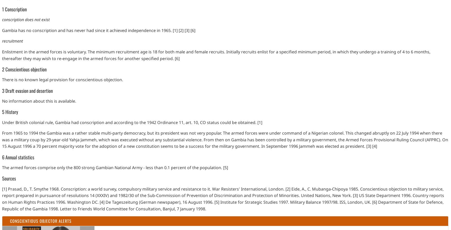  I want to click on 'Under British colonial rule, Gambia had conscription and according to the 1942 Ordinance 11, art. 10, CO status could be obtained. [1]', so click(132, 122).